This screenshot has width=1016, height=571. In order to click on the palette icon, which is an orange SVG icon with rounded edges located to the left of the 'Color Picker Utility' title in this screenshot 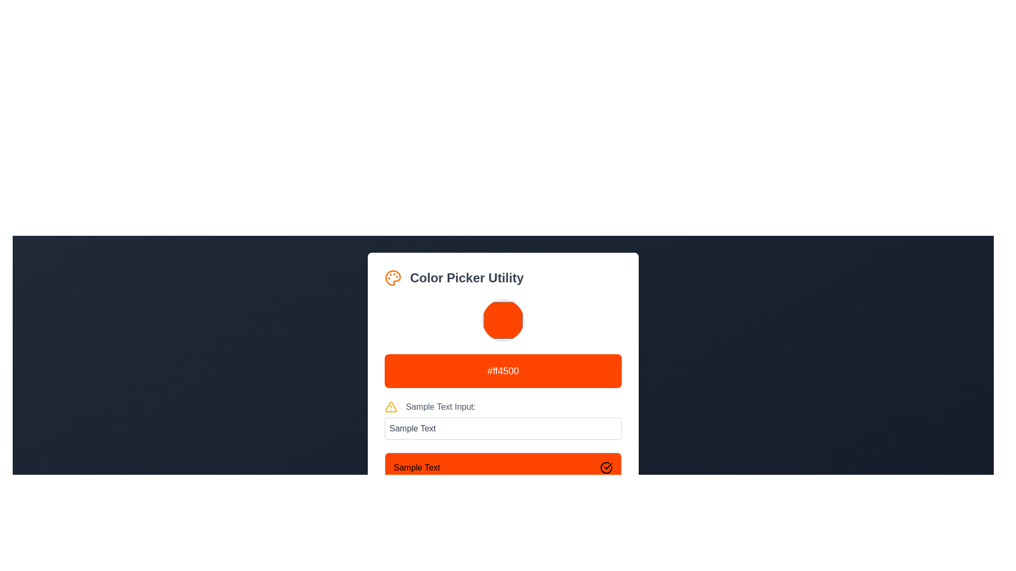, I will do `click(393, 277)`.